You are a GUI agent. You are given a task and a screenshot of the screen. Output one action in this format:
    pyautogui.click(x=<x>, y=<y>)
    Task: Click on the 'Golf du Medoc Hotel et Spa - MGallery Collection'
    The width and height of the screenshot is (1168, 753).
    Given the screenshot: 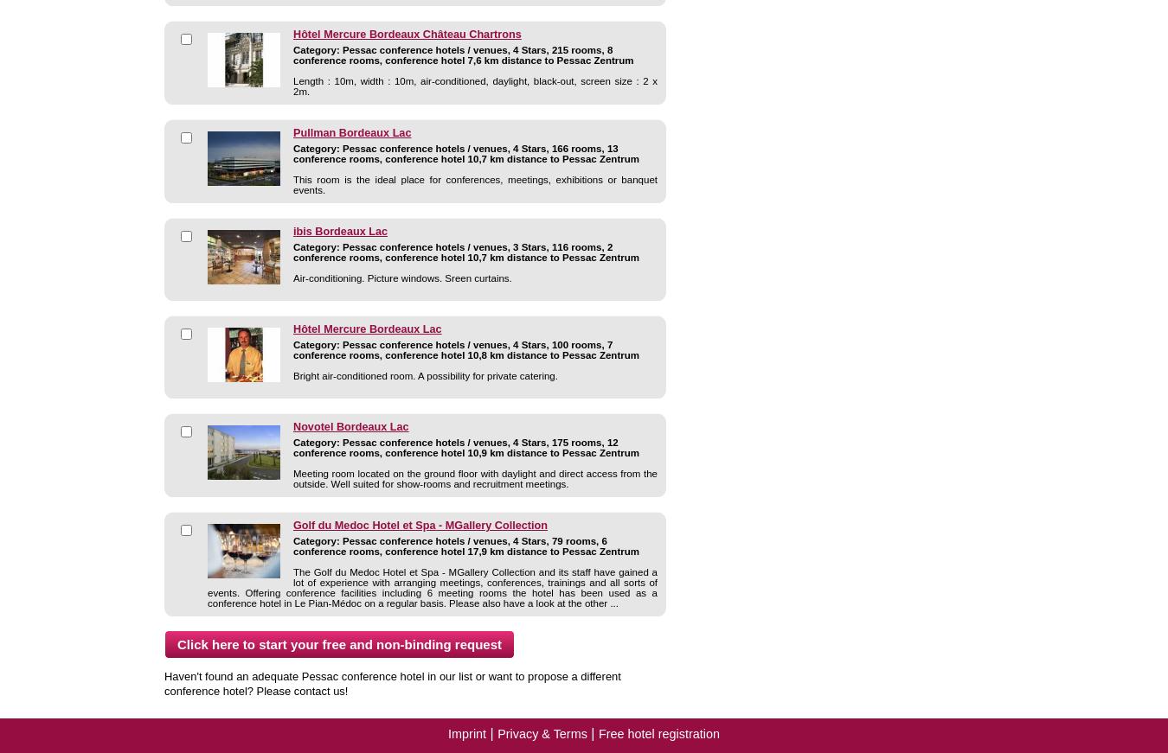 What is the action you would take?
    pyautogui.click(x=419, y=524)
    